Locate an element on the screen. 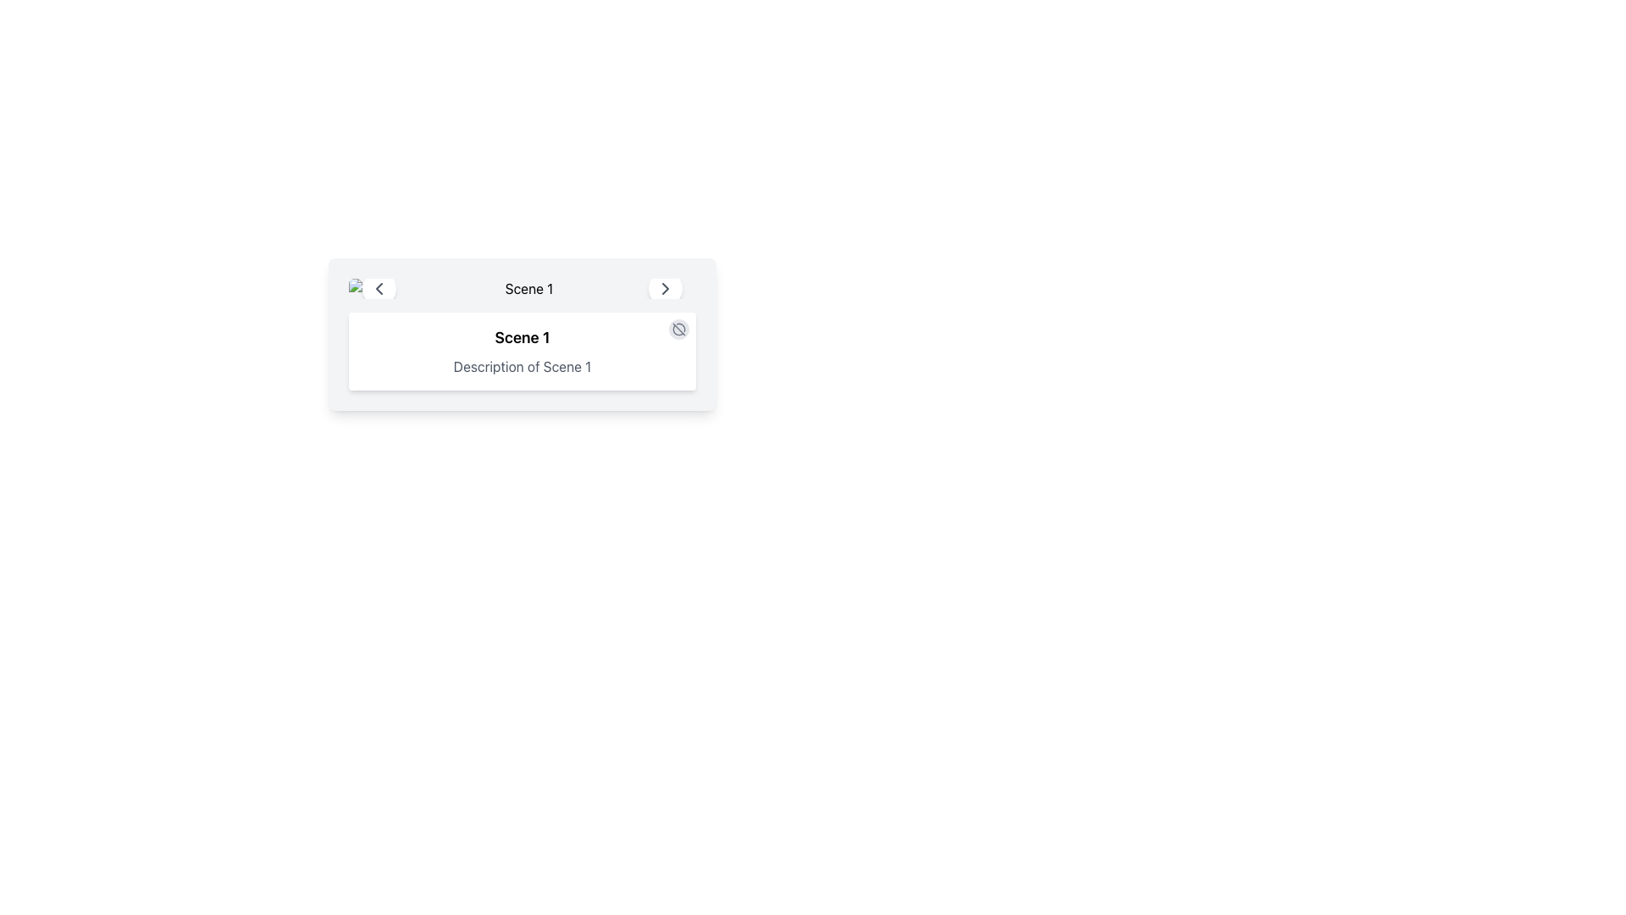 This screenshot has width=1626, height=915. the Text Block containing the bold text 'Scene 1' and subtext 'Description of Scene 1', which has a soft gray background and rounded corners is located at coordinates (522, 334).